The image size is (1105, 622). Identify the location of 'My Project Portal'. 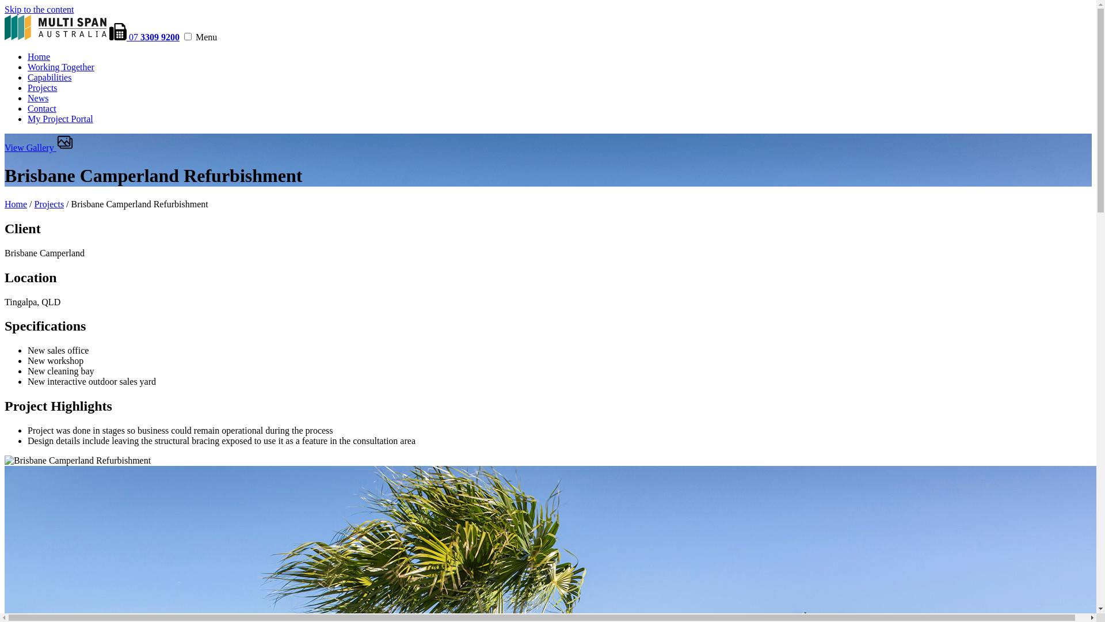
(28, 119).